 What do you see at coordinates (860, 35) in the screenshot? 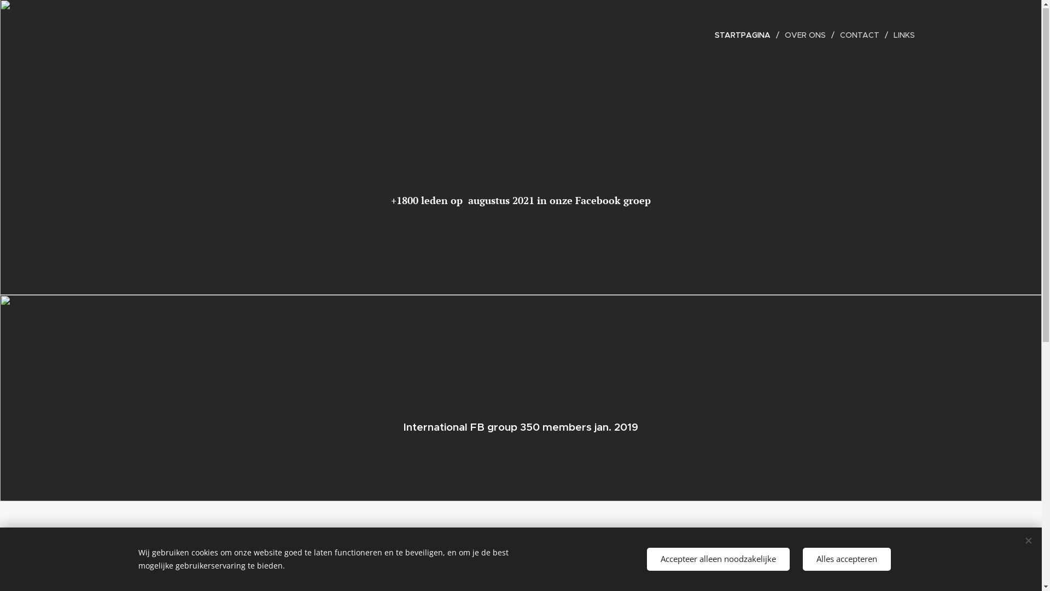
I see `'CONTACT'` at bounding box center [860, 35].